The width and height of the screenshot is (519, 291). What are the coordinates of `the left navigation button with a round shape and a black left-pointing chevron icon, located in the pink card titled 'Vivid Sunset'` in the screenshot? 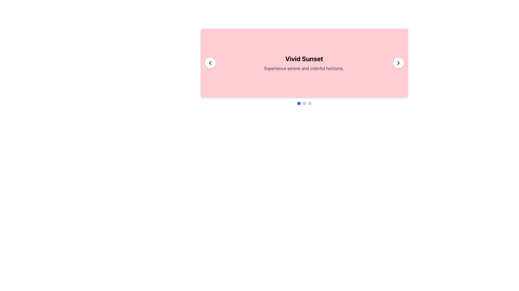 It's located at (210, 63).